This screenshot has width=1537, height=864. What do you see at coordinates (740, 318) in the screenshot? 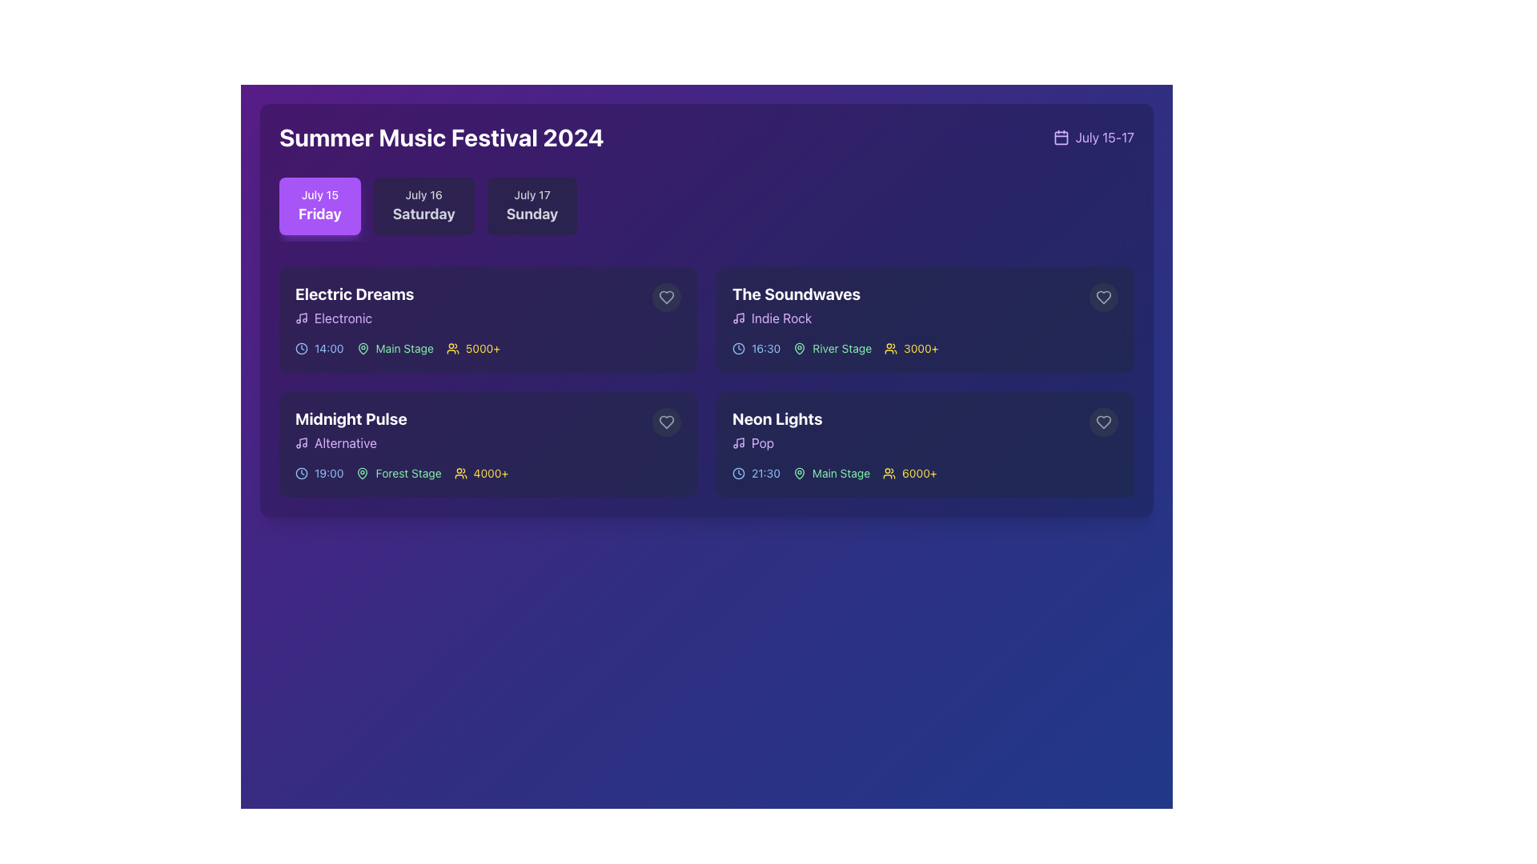
I see `the vertical line portion of the musical note symbol in the top-right portion of the SVG icon` at bounding box center [740, 318].